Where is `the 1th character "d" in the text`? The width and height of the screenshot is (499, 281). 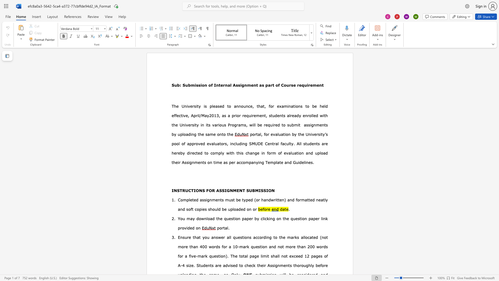 the 1th character "d" in the text is located at coordinates (223, 106).